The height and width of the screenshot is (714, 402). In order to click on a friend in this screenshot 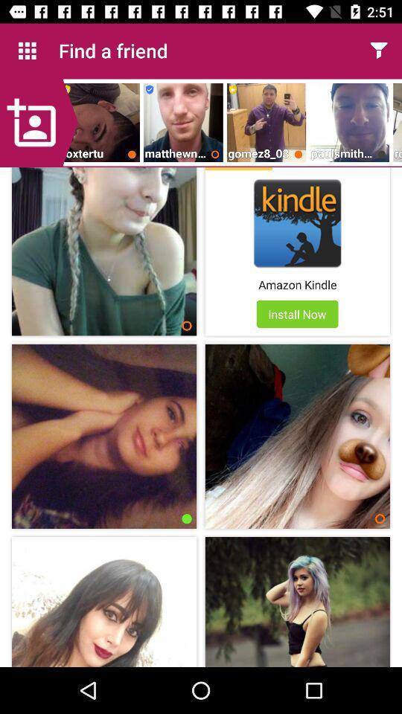, I will do `click(39, 122)`.